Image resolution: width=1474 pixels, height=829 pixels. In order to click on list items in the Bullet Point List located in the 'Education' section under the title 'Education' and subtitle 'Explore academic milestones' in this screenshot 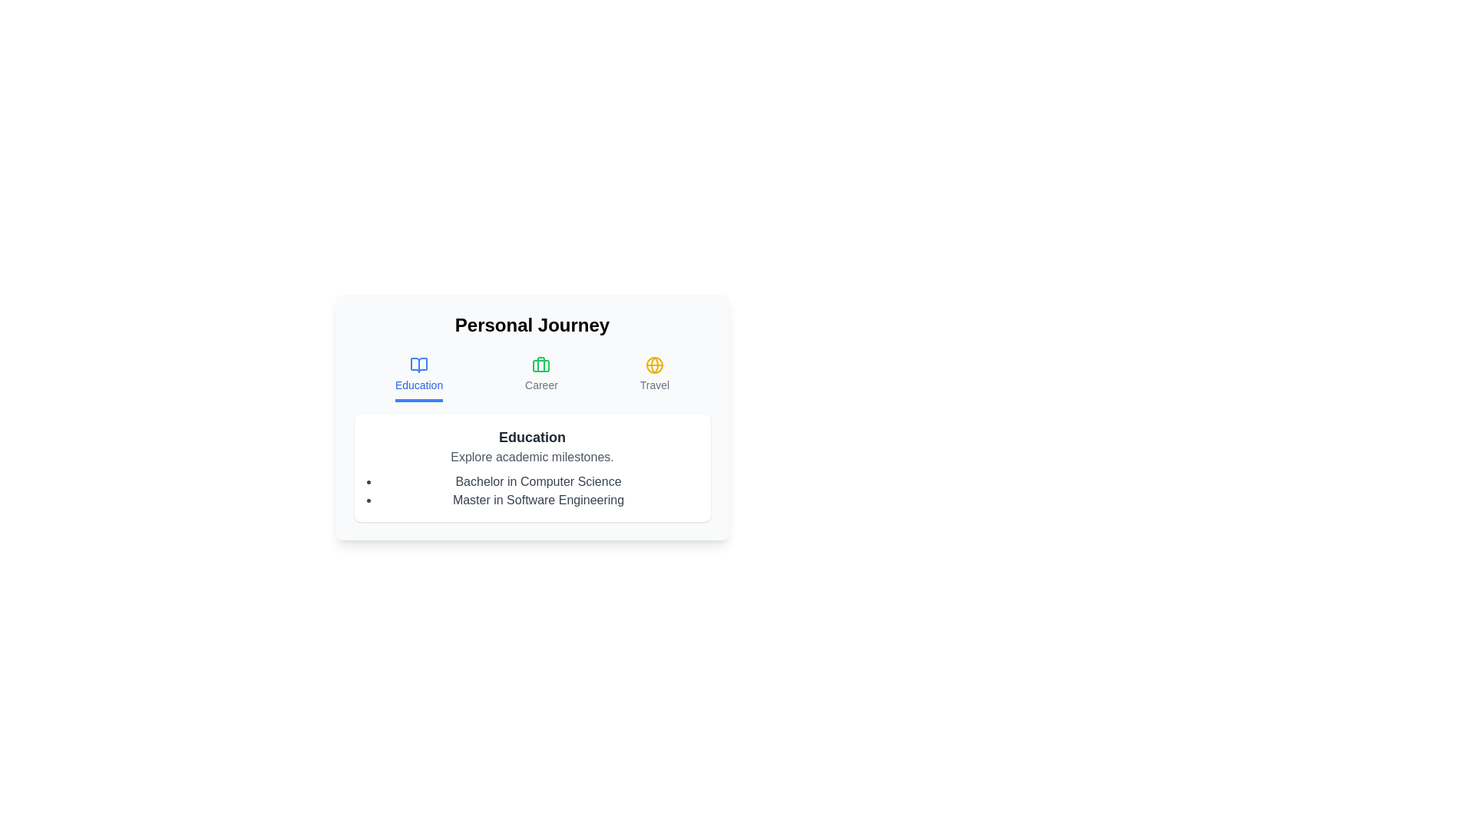, I will do `click(532, 491)`.